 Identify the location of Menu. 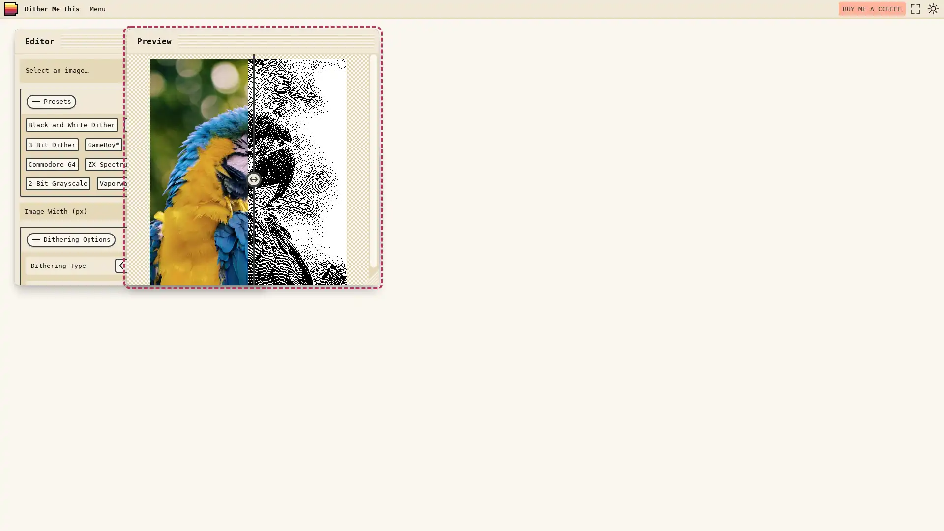
(97, 8).